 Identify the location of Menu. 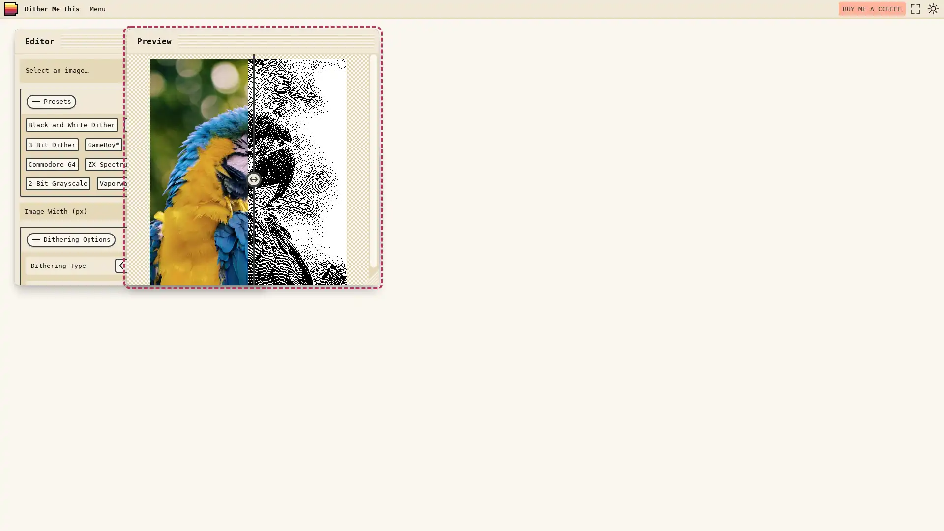
(97, 8).